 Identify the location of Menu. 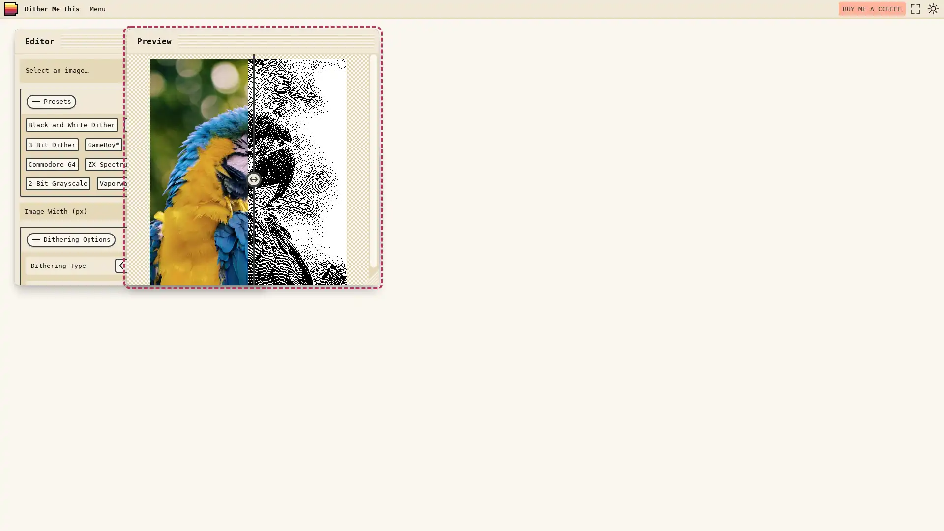
(97, 8).